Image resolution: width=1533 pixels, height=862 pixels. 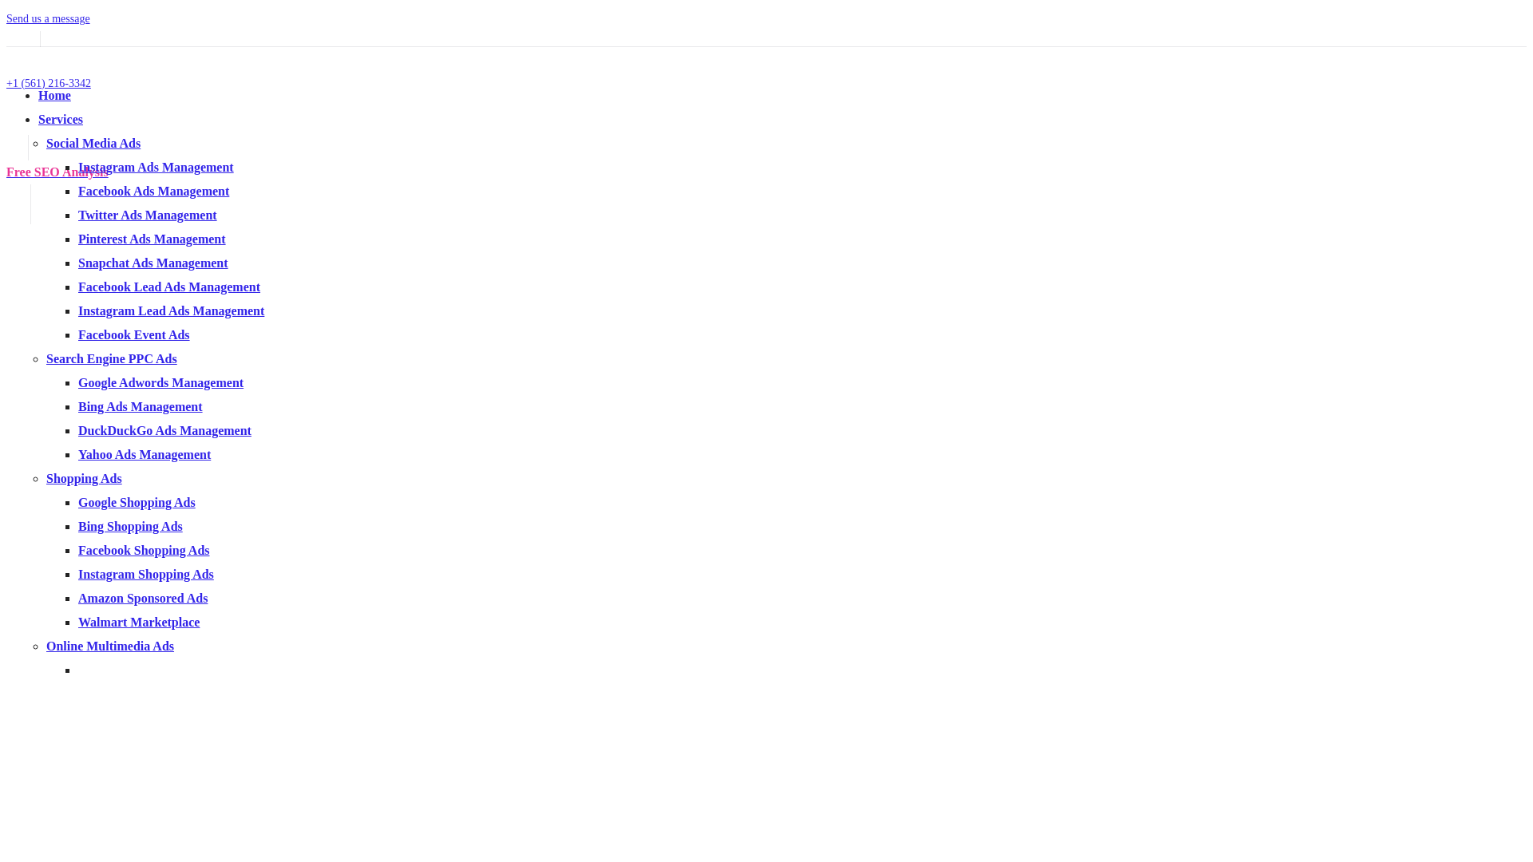 What do you see at coordinates (138, 621) in the screenshot?
I see `'Walmart Marketplace'` at bounding box center [138, 621].